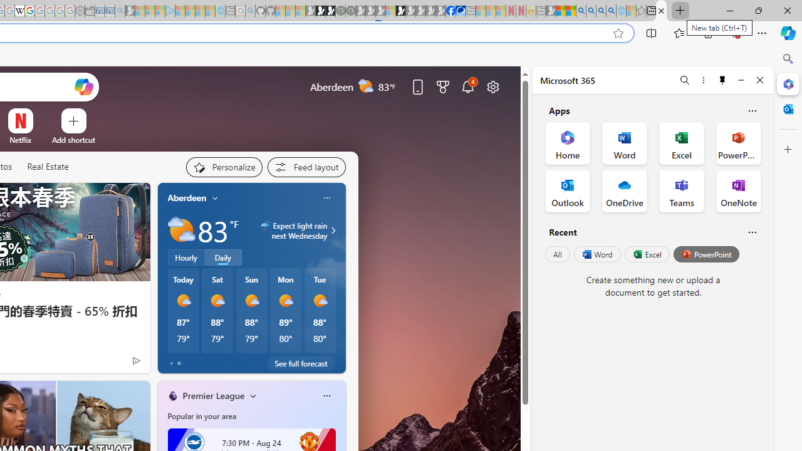 This screenshot has height=451, width=802. What do you see at coordinates (320, 11) in the screenshot?
I see `'Play Zoo Boom in your browser | Games from Microsoft Start'` at bounding box center [320, 11].